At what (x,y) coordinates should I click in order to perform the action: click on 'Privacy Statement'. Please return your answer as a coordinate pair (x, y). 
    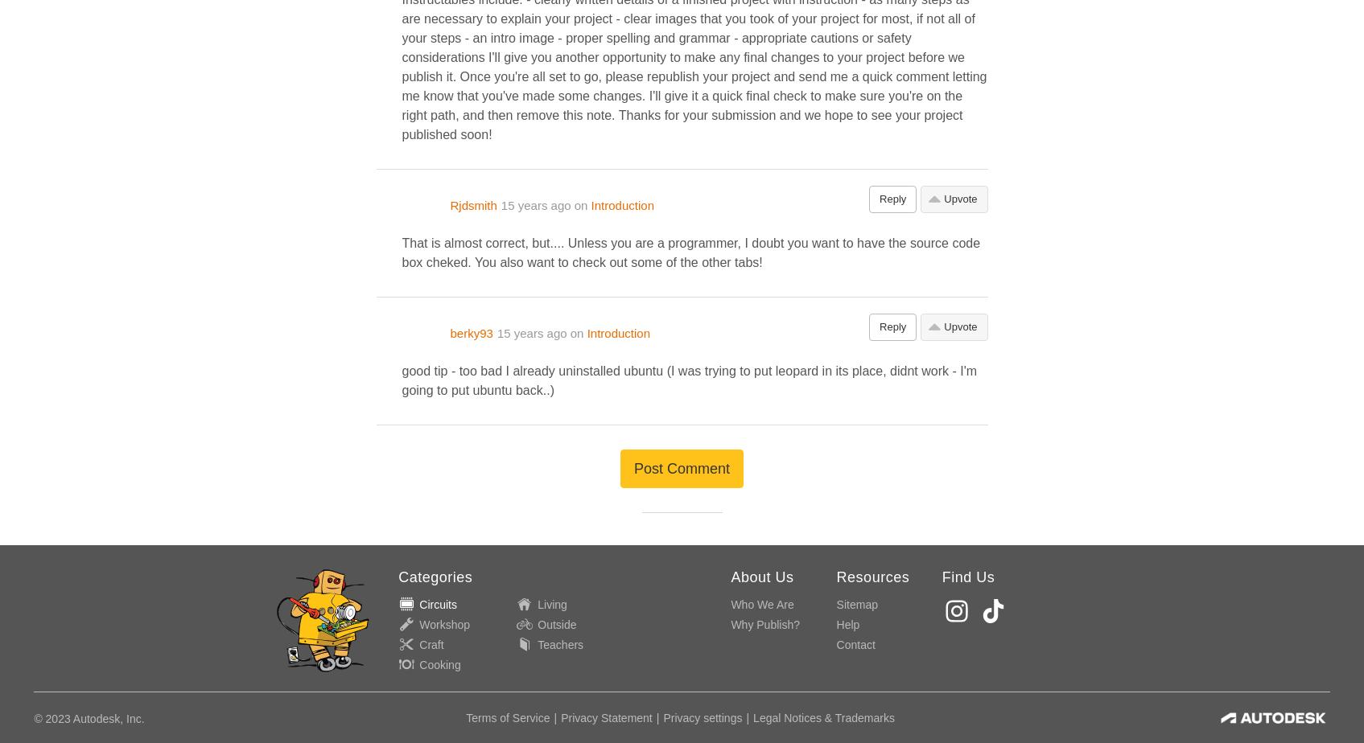
    Looking at the image, I should click on (560, 718).